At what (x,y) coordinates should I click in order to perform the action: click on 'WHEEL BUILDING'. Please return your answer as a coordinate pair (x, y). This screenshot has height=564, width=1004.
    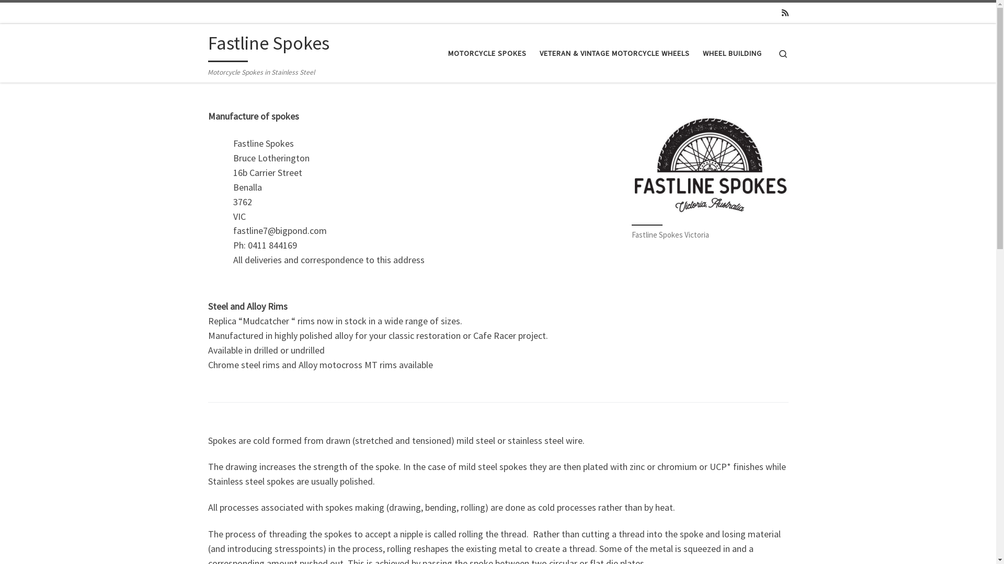
    Looking at the image, I should click on (699, 53).